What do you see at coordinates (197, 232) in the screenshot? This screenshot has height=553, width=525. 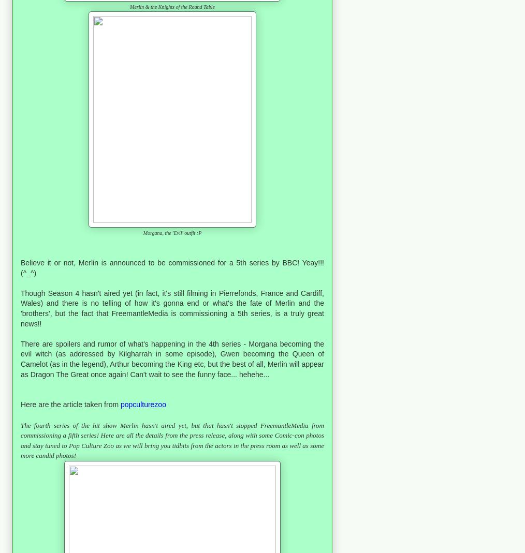 I see `':P'` at bounding box center [197, 232].